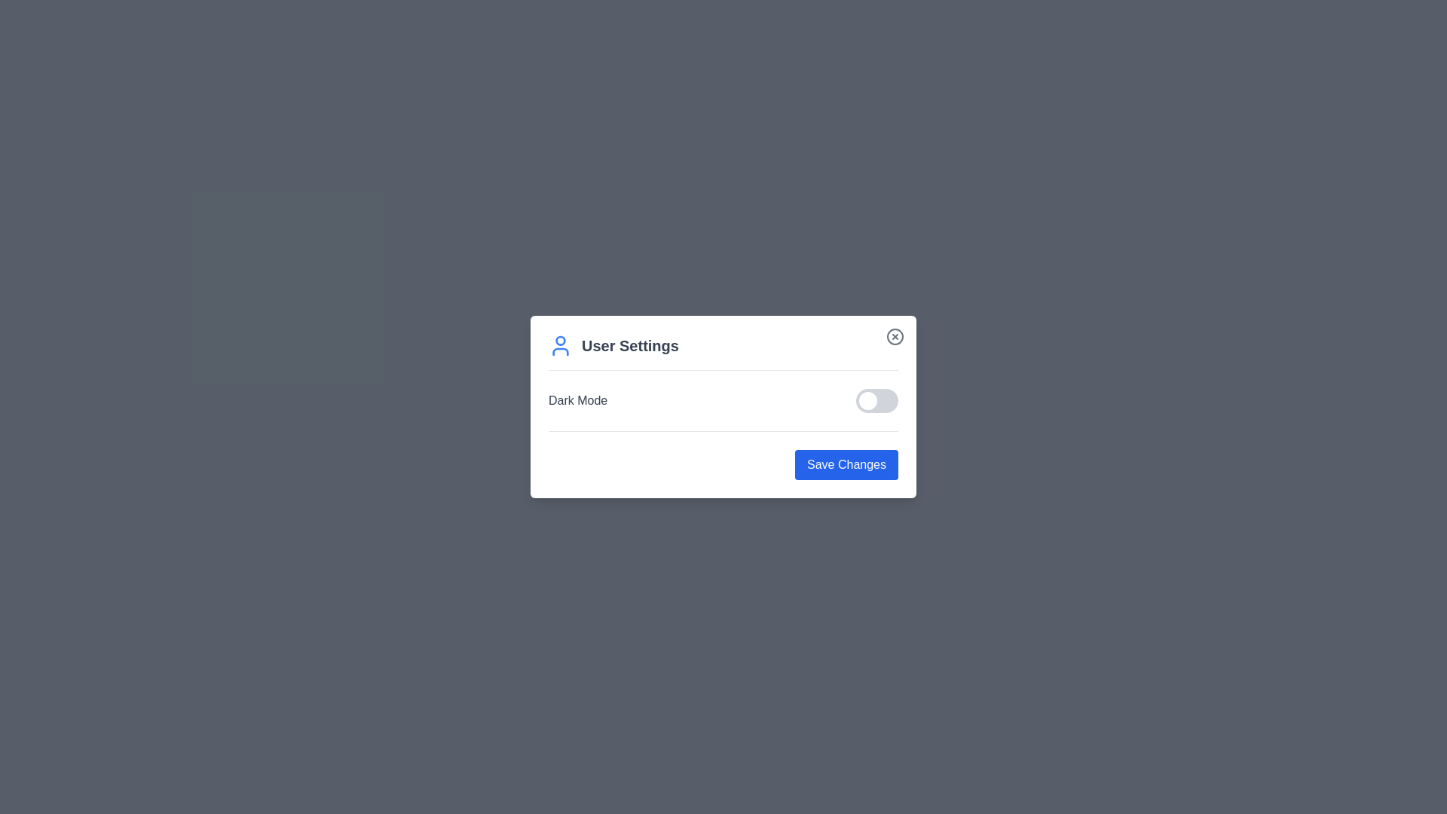 The image size is (1447, 814). Describe the element at coordinates (895, 336) in the screenshot. I see `close button to close the dialog` at that location.